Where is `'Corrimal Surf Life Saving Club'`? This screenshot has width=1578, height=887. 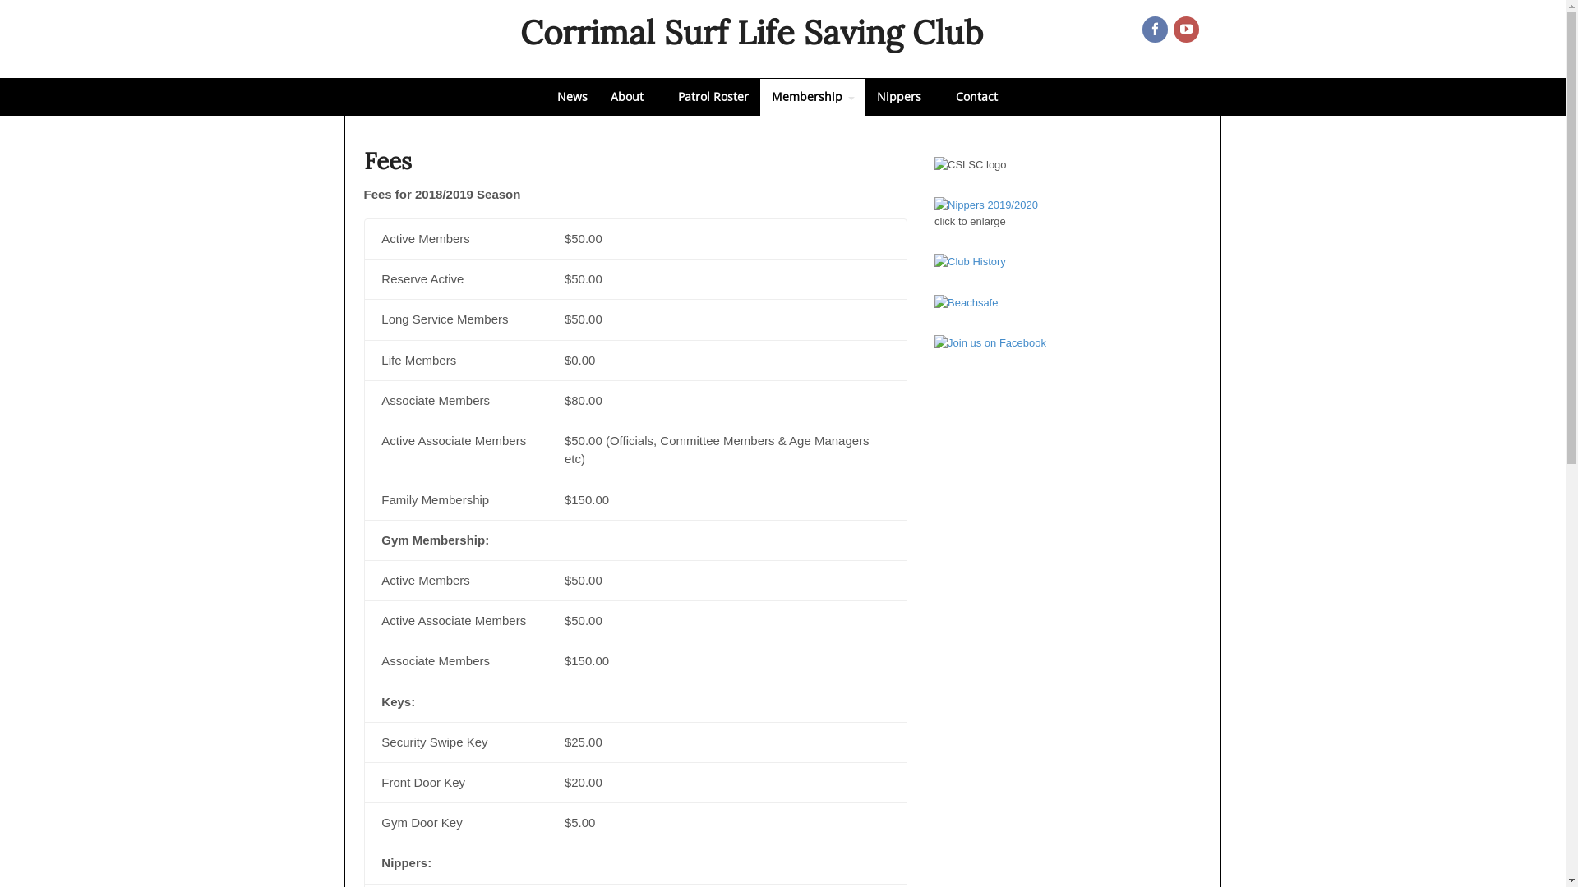 'Corrimal Surf Life Saving Club' is located at coordinates (519, 32).